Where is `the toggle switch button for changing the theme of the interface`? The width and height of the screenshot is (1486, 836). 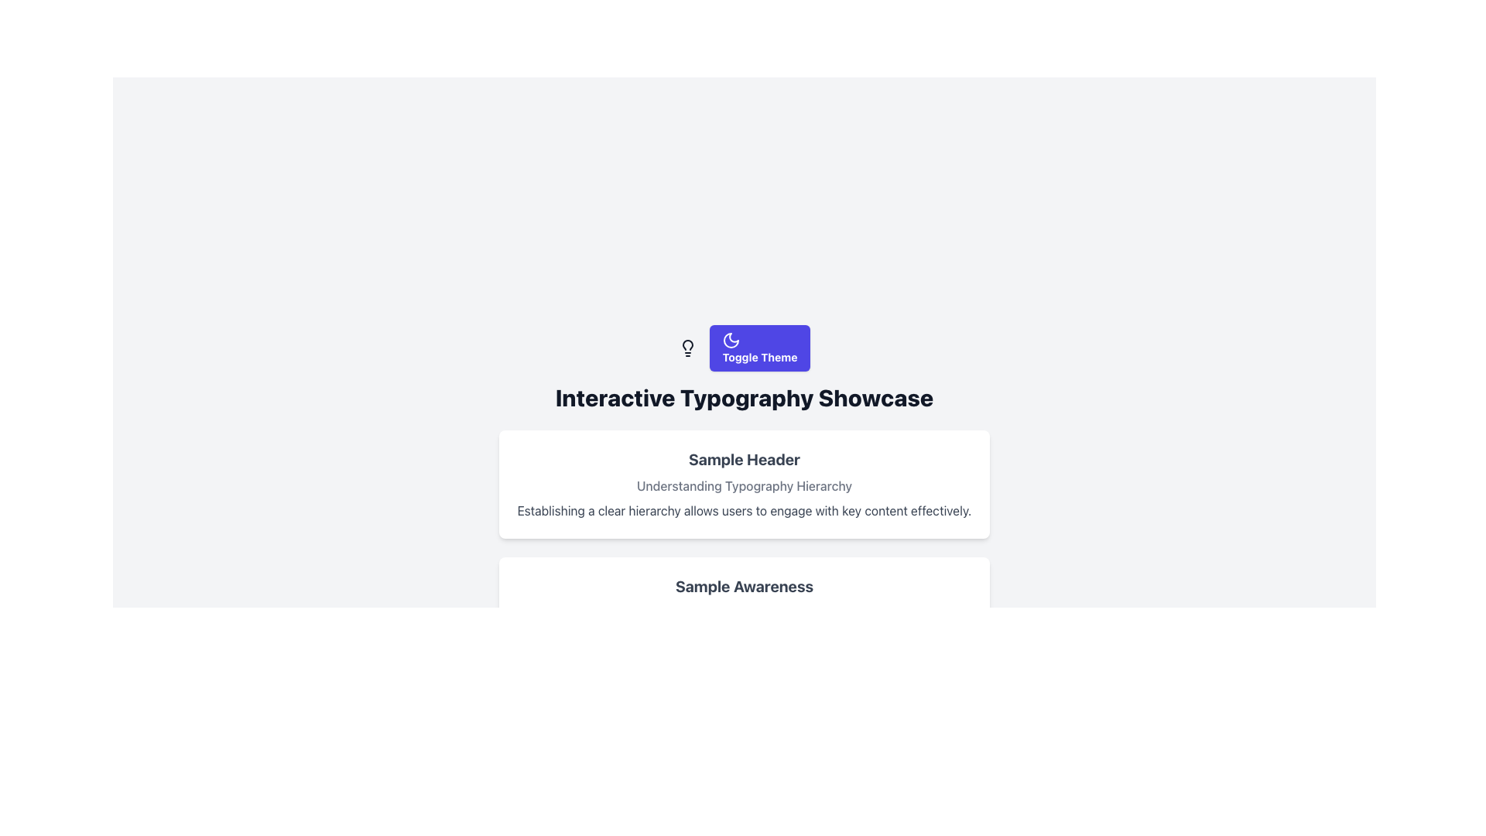
the toggle switch button for changing the theme of the interface is located at coordinates (760, 348).